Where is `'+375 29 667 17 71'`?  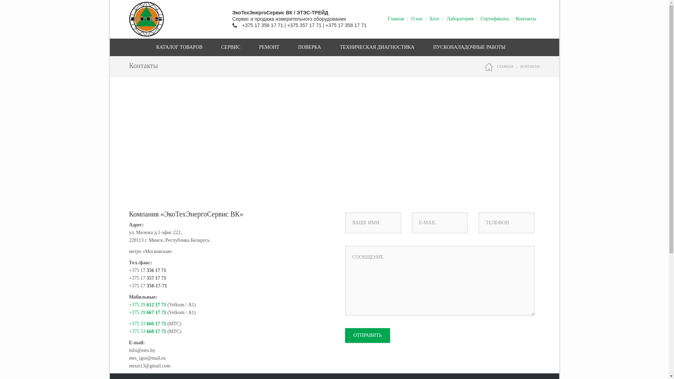 '+375 29 667 17 71' is located at coordinates (129, 312).